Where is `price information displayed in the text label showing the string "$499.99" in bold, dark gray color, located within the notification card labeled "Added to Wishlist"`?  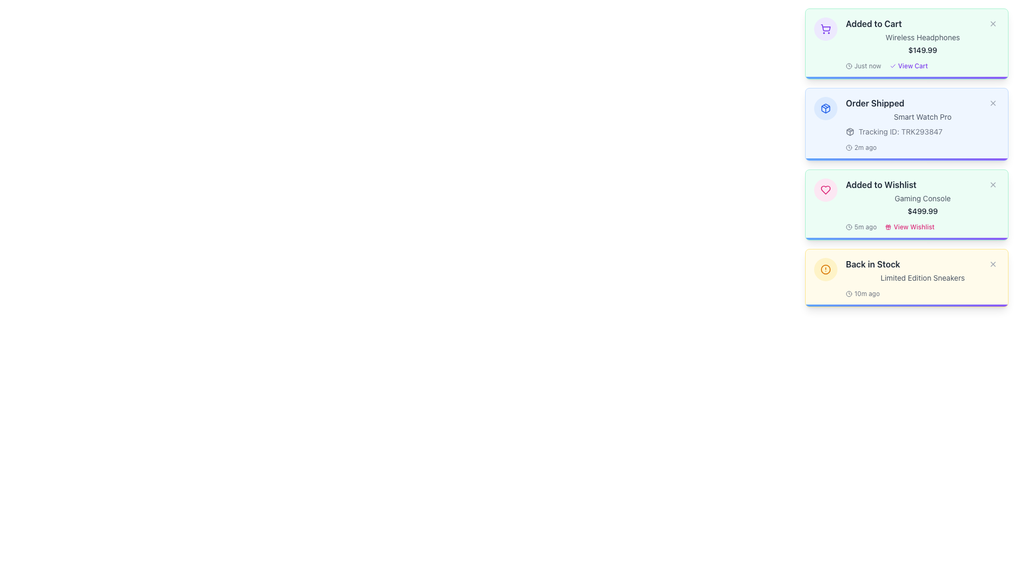
price information displayed in the text label showing the string "$499.99" in bold, dark gray color, located within the notification card labeled "Added to Wishlist" is located at coordinates (922, 211).